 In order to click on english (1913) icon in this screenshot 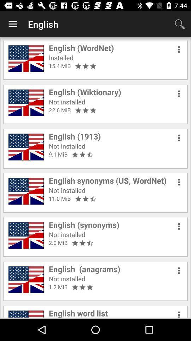, I will do `click(74, 136)`.